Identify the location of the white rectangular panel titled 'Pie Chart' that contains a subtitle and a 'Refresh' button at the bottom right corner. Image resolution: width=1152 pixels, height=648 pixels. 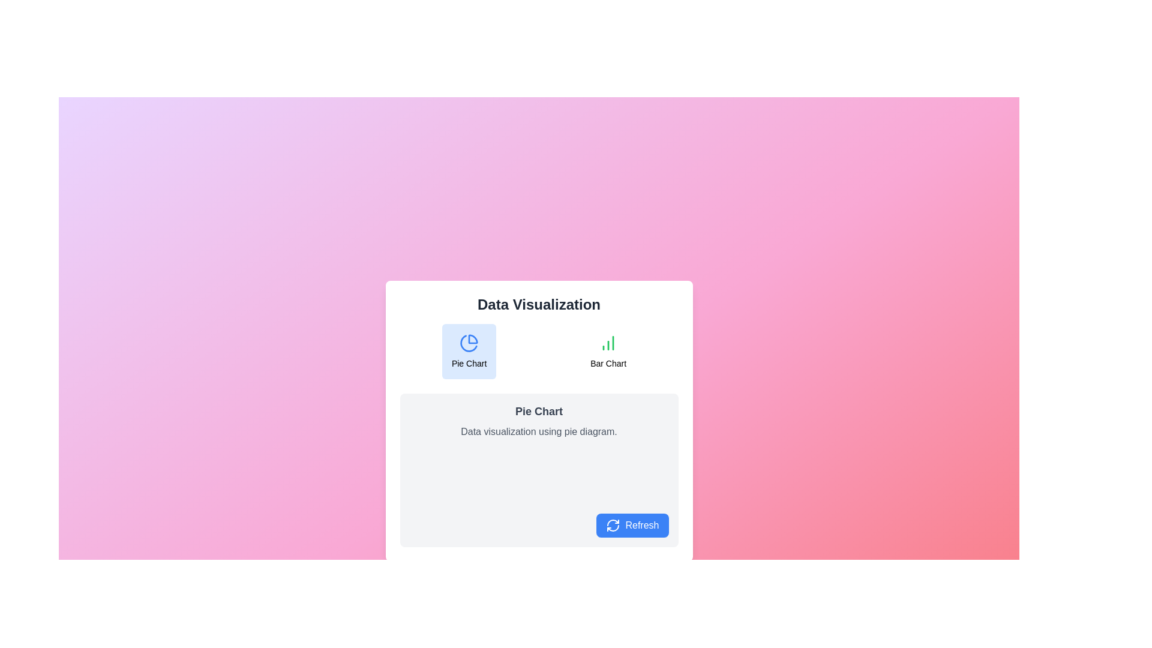
(538, 421).